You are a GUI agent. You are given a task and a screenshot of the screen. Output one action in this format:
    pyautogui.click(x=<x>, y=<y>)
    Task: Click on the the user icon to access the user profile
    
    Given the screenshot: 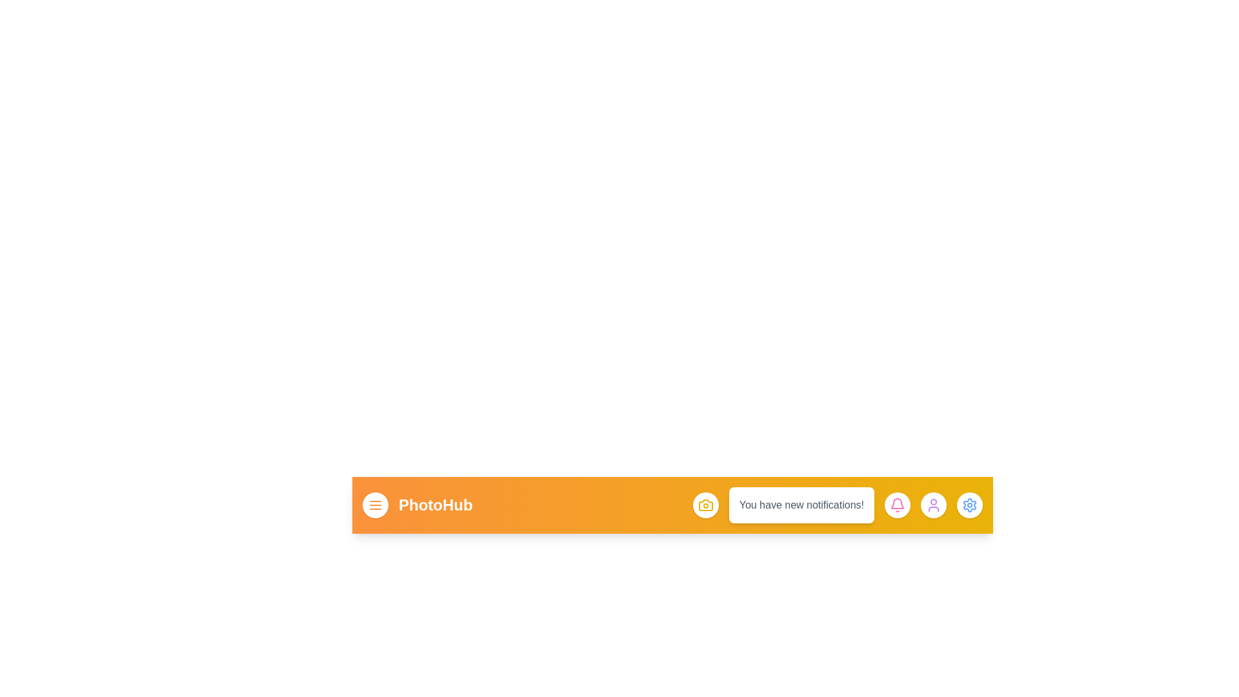 What is the action you would take?
    pyautogui.click(x=933, y=505)
    